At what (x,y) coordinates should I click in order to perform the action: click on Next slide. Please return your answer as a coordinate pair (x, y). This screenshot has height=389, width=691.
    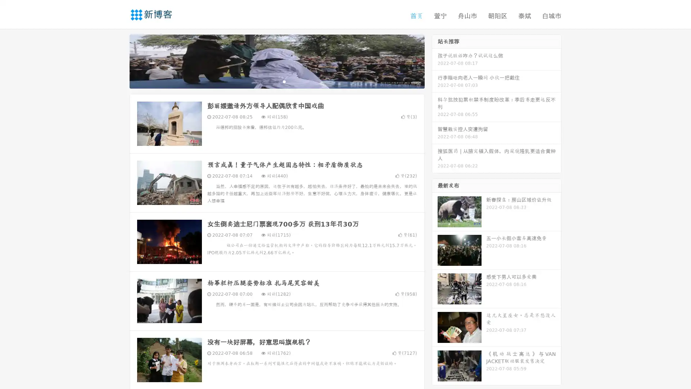
    Looking at the image, I should click on (435, 61).